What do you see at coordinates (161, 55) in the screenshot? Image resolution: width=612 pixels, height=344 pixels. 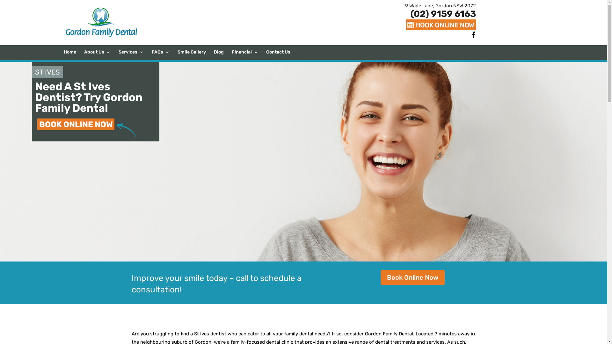 I see `'FAQs'` at bounding box center [161, 55].